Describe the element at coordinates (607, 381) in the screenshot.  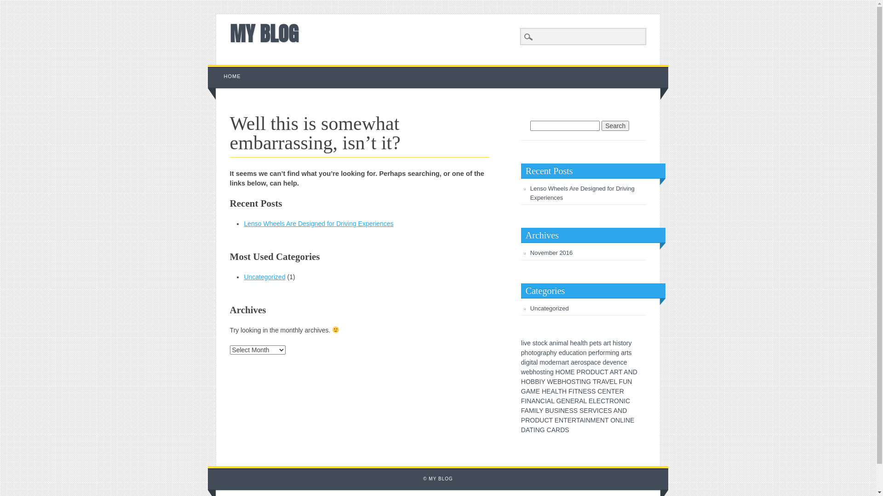
I see `'V'` at that location.